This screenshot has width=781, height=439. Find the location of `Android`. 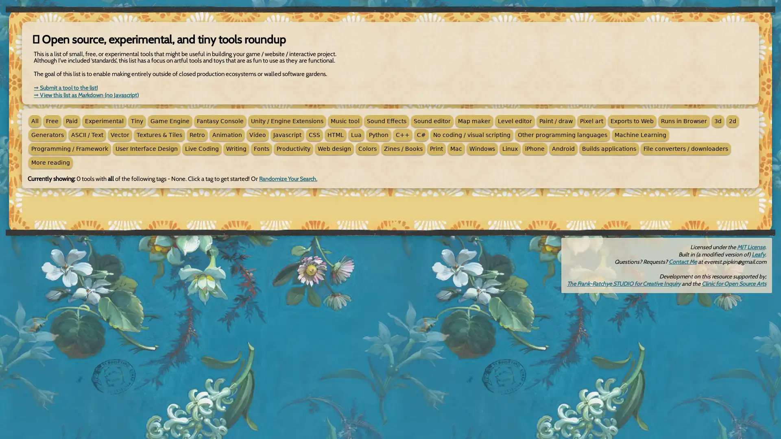

Android is located at coordinates (563, 149).